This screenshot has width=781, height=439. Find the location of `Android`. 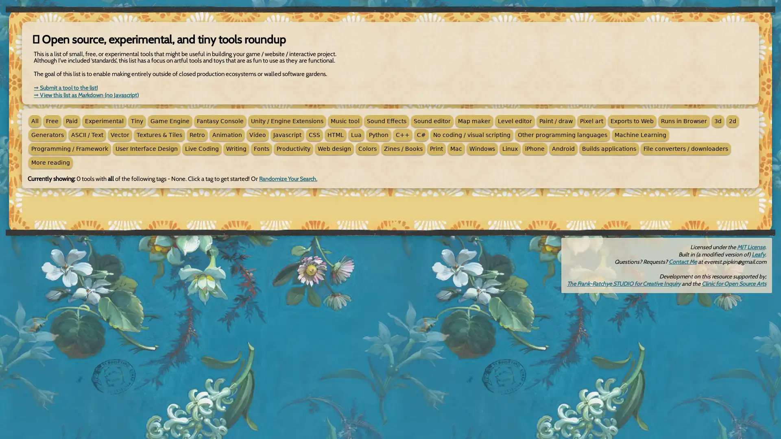

Android is located at coordinates (563, 149).